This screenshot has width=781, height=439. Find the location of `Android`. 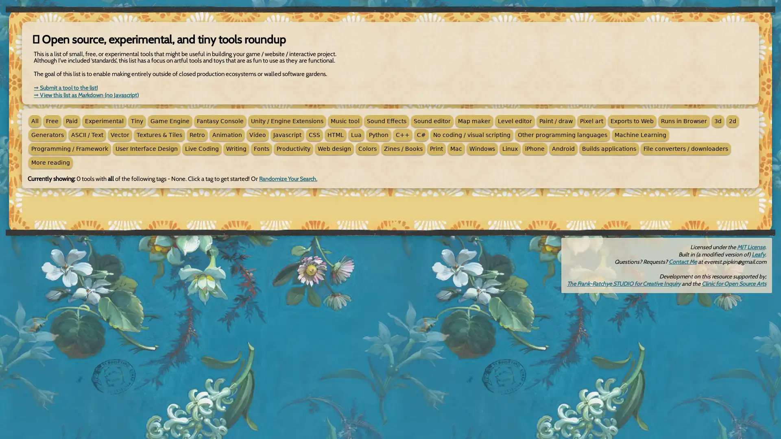

Android is located at coordinates (563, 149).